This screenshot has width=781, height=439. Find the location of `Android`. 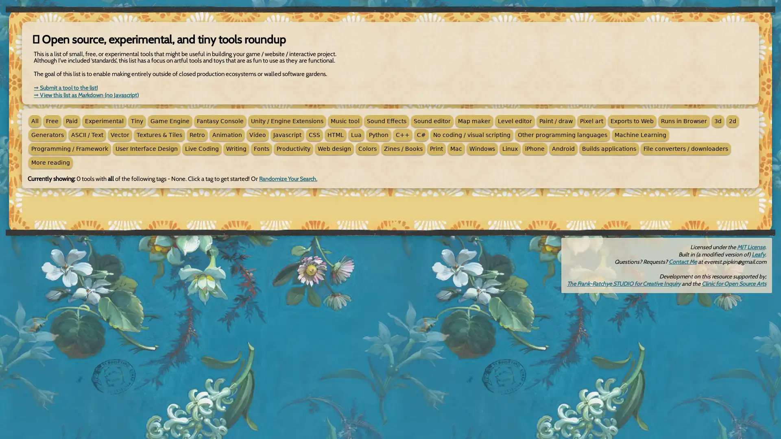

Android is located at coordinates (563, 149).